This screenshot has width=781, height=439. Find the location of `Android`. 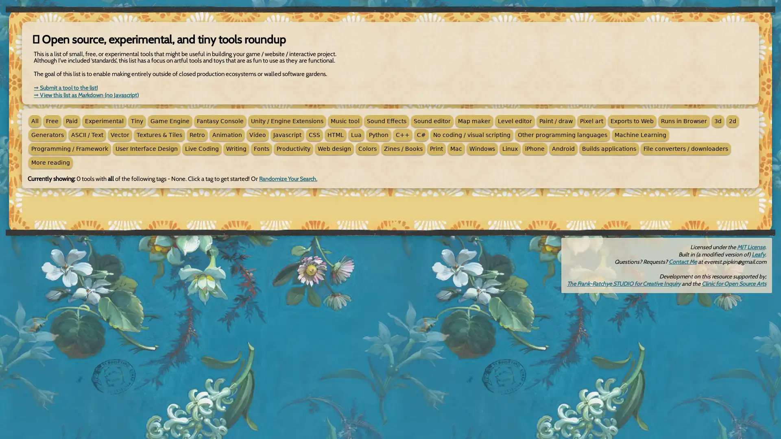

Android is located at coordinates (563, 149).